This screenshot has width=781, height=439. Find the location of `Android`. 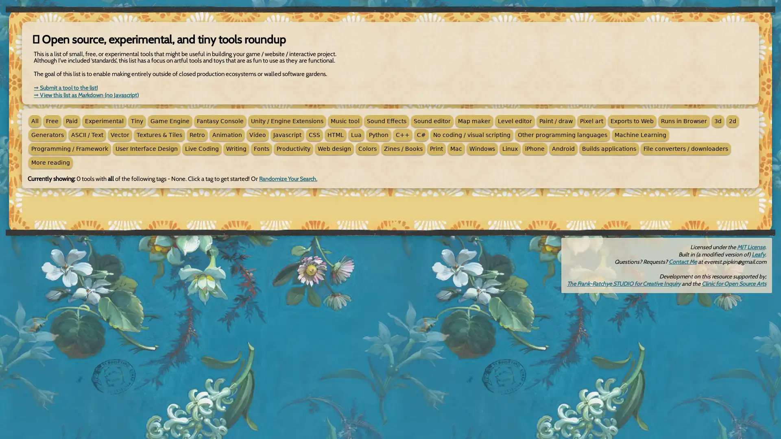

Android is located at coordinates (563, 149).